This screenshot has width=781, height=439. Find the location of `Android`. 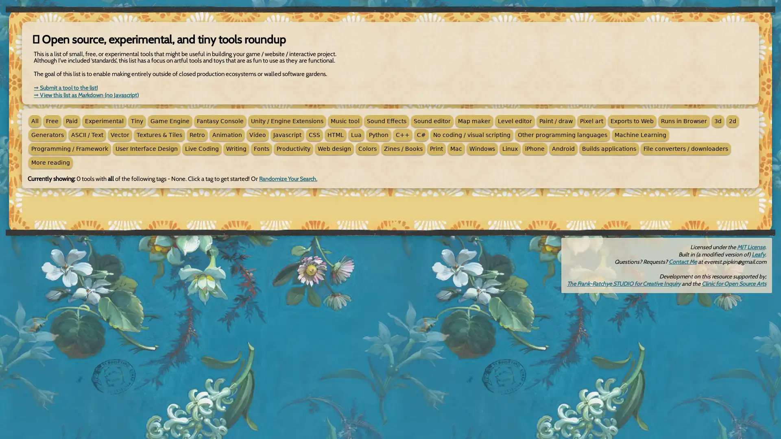

Android is located at coordinates (563, 149).